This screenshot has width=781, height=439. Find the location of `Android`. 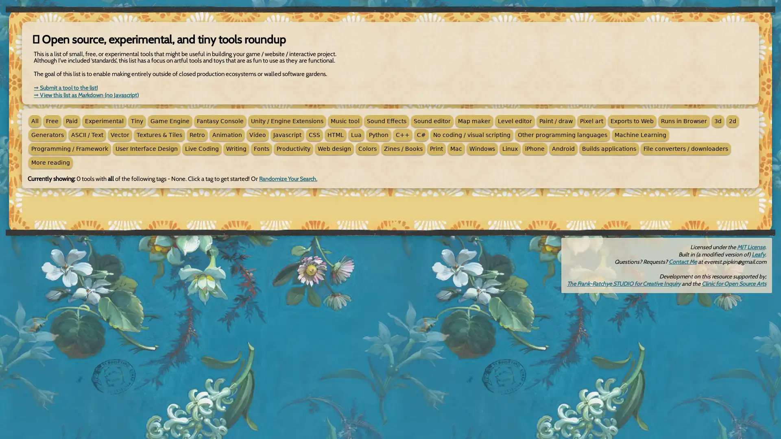

Android is located at coordinates (563, 149).